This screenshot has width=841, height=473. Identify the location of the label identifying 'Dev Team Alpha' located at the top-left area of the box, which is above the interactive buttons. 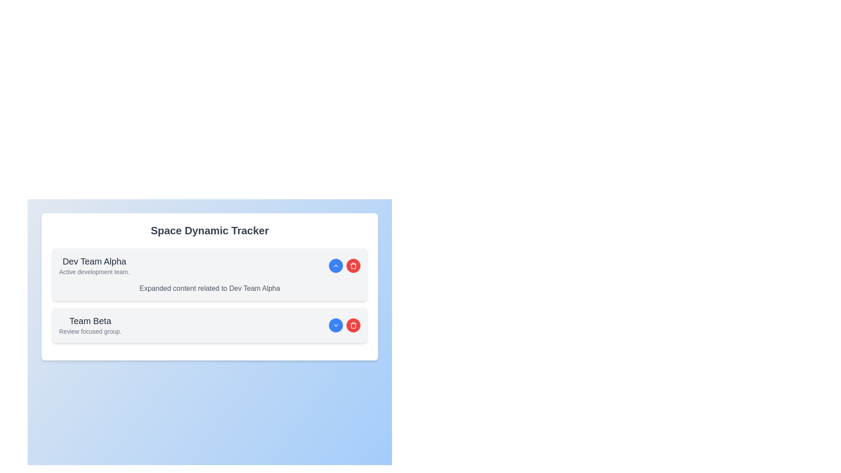
(94, 265).